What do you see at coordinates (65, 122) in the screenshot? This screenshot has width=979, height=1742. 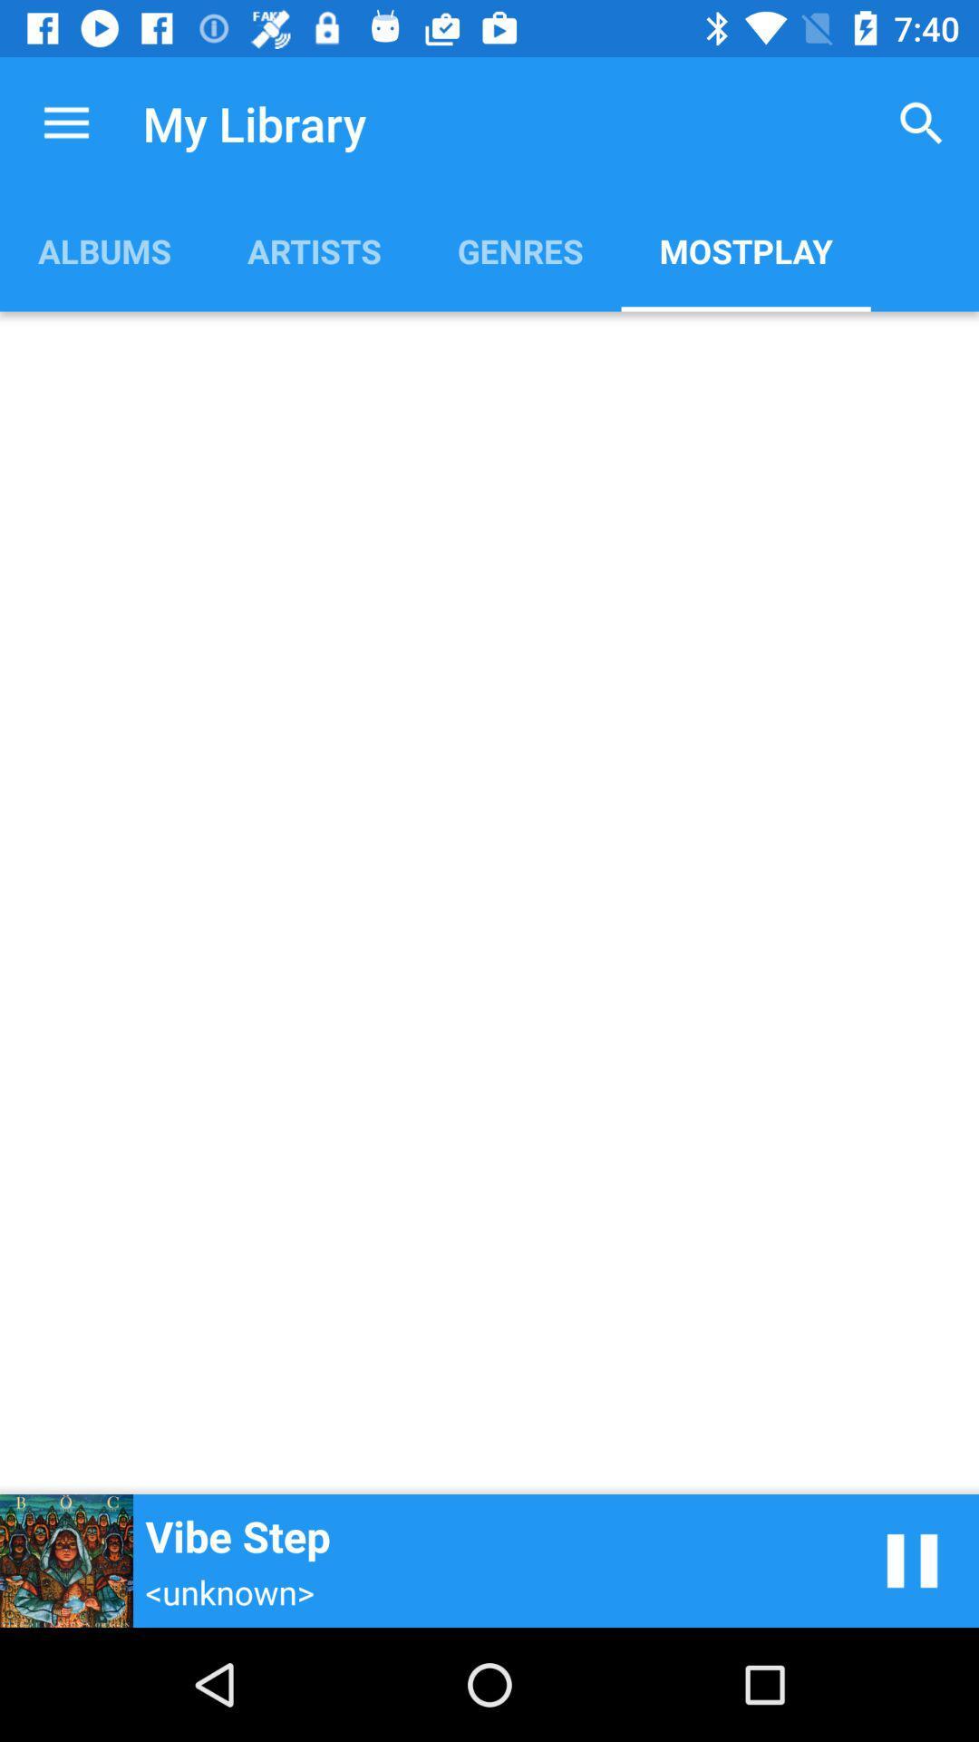 I see `item above the albums` at bounding box center [65, 122].